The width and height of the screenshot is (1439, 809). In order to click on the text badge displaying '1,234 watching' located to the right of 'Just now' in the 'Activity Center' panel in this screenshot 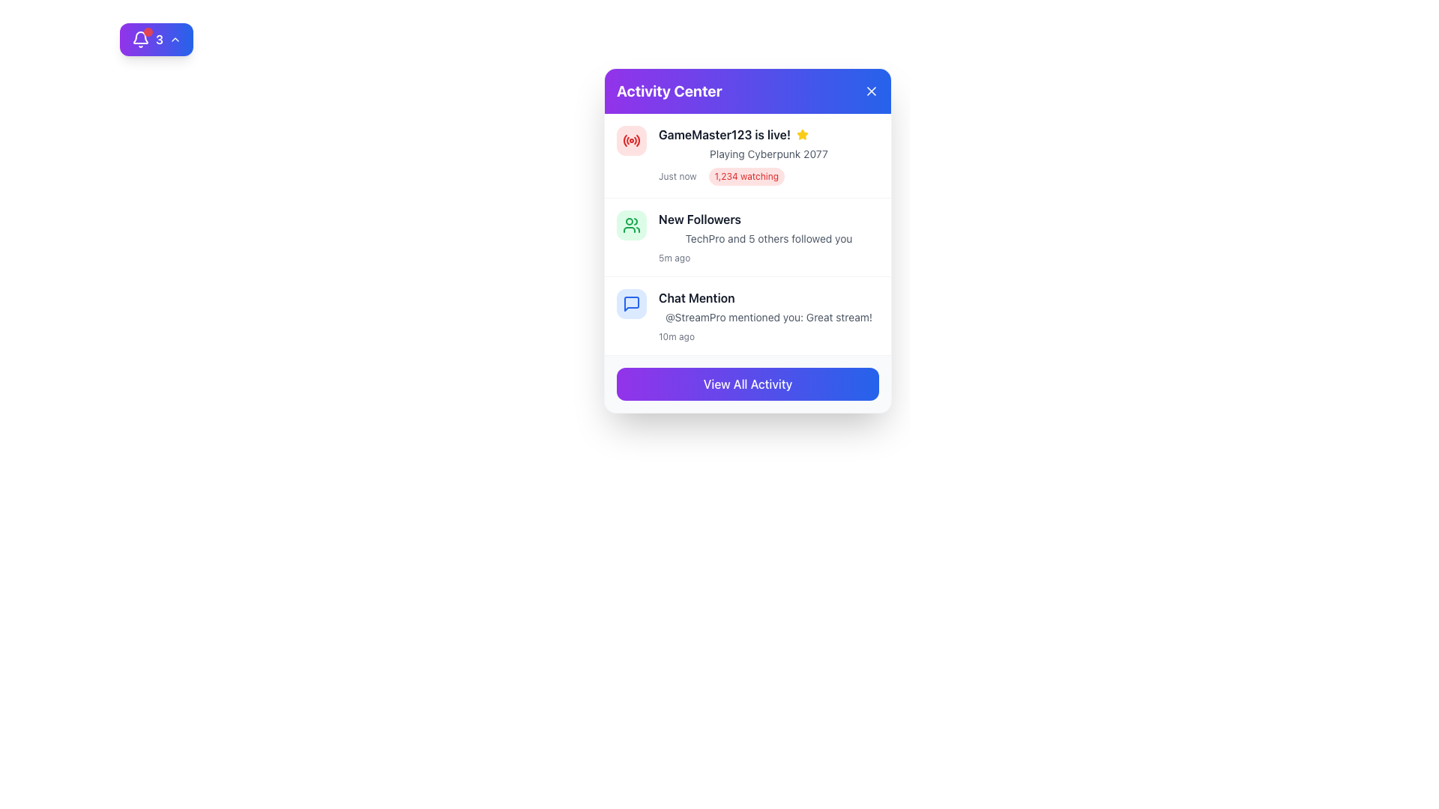, I will do `click(746, 175)`.